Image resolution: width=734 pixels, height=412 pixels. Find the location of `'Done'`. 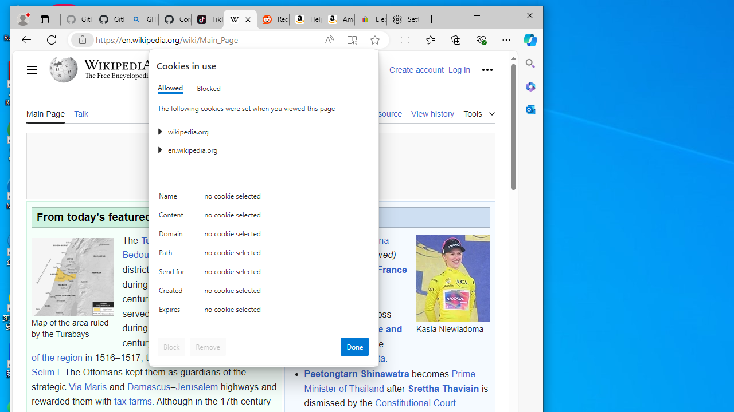

'Done' is located at coordinates (354, 346).